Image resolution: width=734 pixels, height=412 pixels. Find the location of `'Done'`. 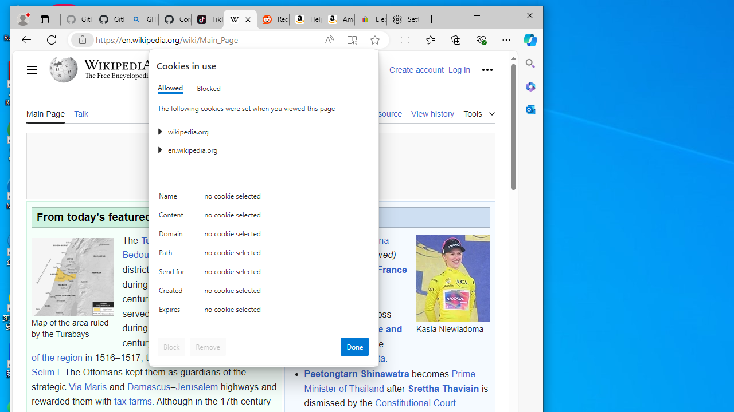

'Done' is located at coordinates (354, 346).